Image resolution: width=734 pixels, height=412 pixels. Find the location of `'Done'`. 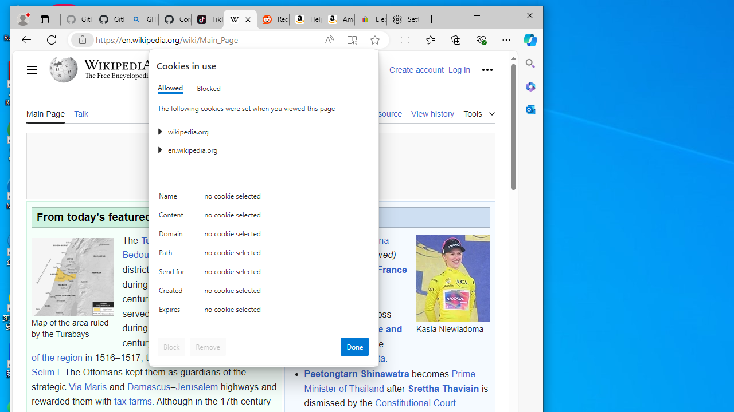

'Done' is located at coordinates (354, 346).